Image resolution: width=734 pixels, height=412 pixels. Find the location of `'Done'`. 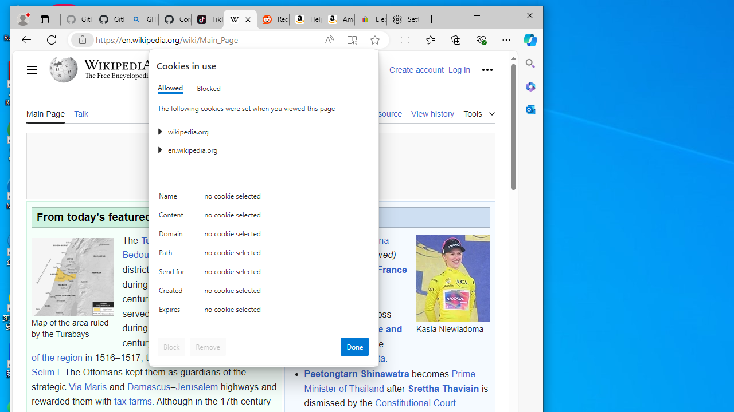

'Done' is located at coordinates (354, 346).